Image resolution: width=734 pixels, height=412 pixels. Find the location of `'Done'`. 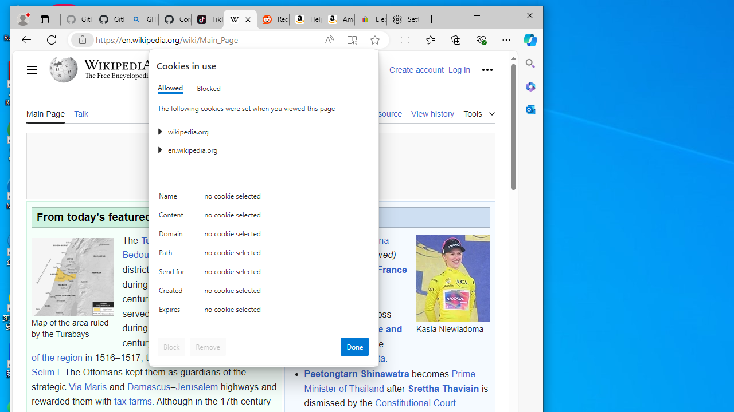

'Done' is located at coordinates (354, 346).